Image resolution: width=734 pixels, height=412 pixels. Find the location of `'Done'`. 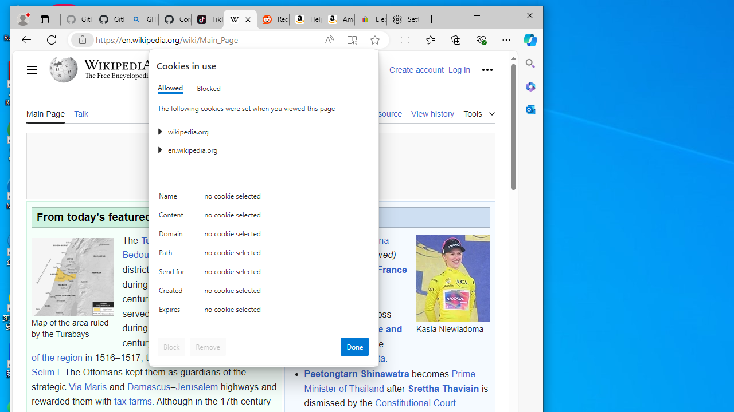

'Done' is located at coordinates (354, 346).